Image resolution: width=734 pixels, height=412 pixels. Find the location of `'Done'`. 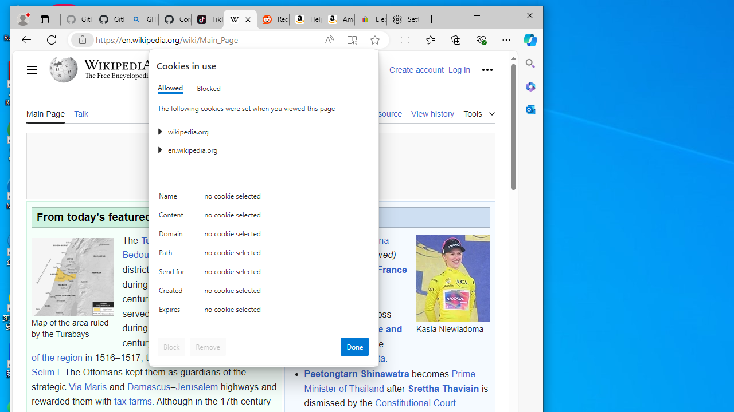

'Done' is located at coordinates (354, 346).